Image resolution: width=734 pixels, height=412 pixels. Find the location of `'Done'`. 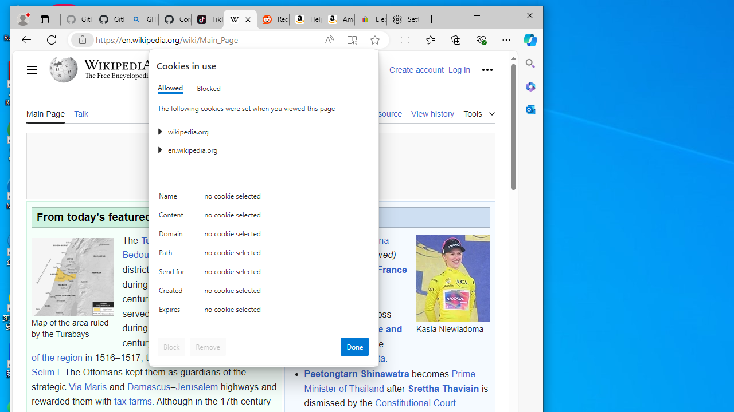

'Done' is located at coordinates (354, 346).